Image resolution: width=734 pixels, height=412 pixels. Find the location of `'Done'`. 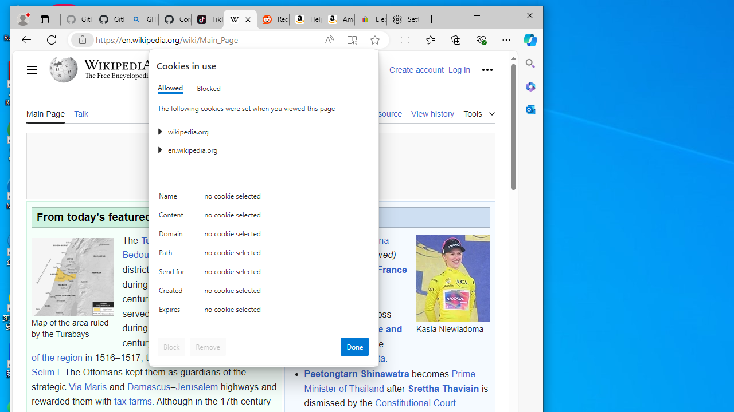

'Done' is located at coordinates (354, 346).